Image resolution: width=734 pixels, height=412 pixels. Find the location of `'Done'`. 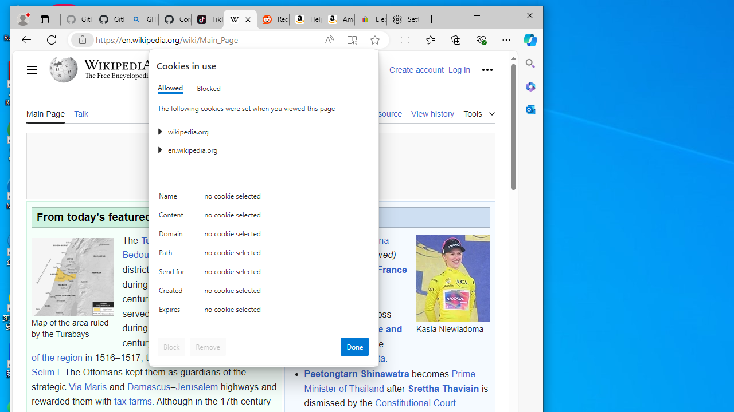

'Done' is located at coordinates (354, 346).